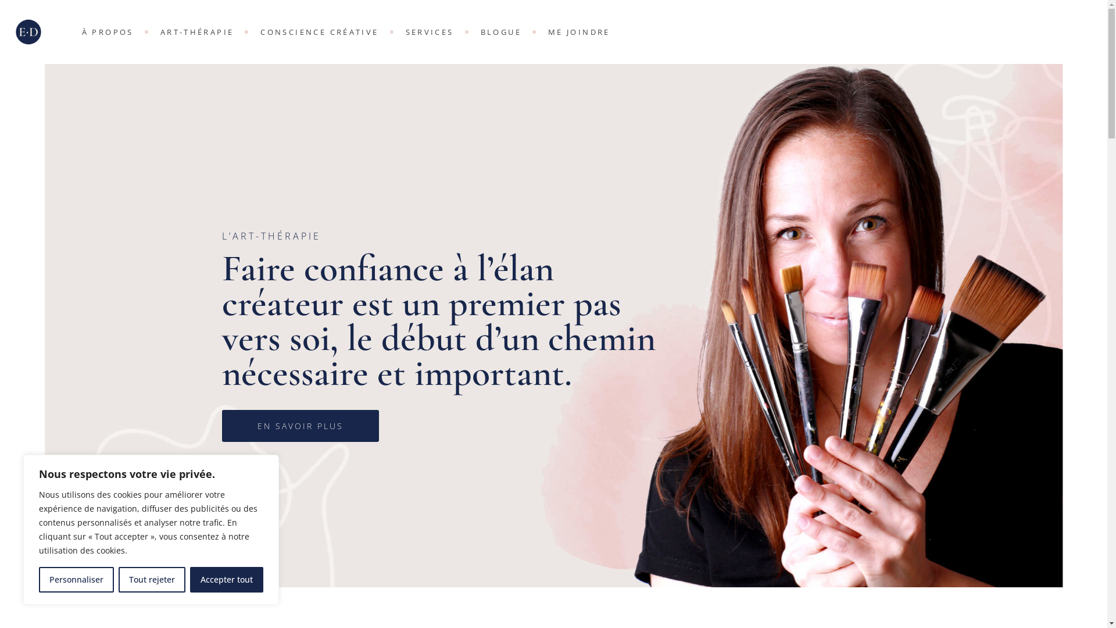 The image size is (1116, 628). Describe the element at coordinates (226, 579) in the screenshot. I see `'Accepter tout'` at that location.